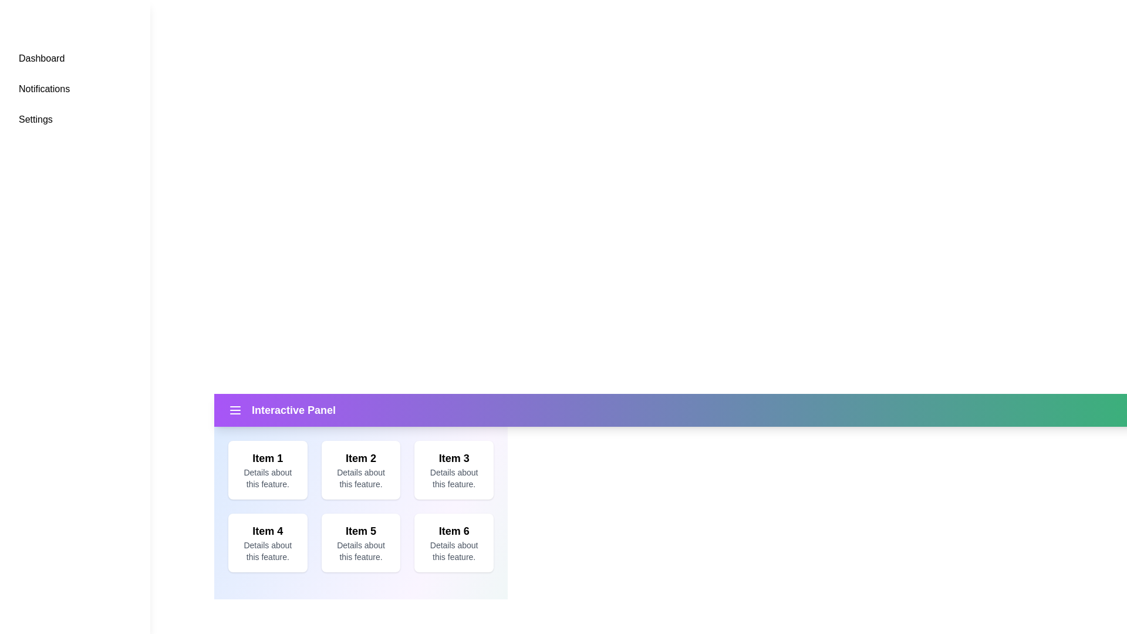 The width and height of the screenshot is (1127, 634). Describe the element at coordinates (453, 543) in the screenshot. I see `the Informational card titled 'Item 6' which includes details about this feature, located in the third column and second row of the grid layout` at that location.